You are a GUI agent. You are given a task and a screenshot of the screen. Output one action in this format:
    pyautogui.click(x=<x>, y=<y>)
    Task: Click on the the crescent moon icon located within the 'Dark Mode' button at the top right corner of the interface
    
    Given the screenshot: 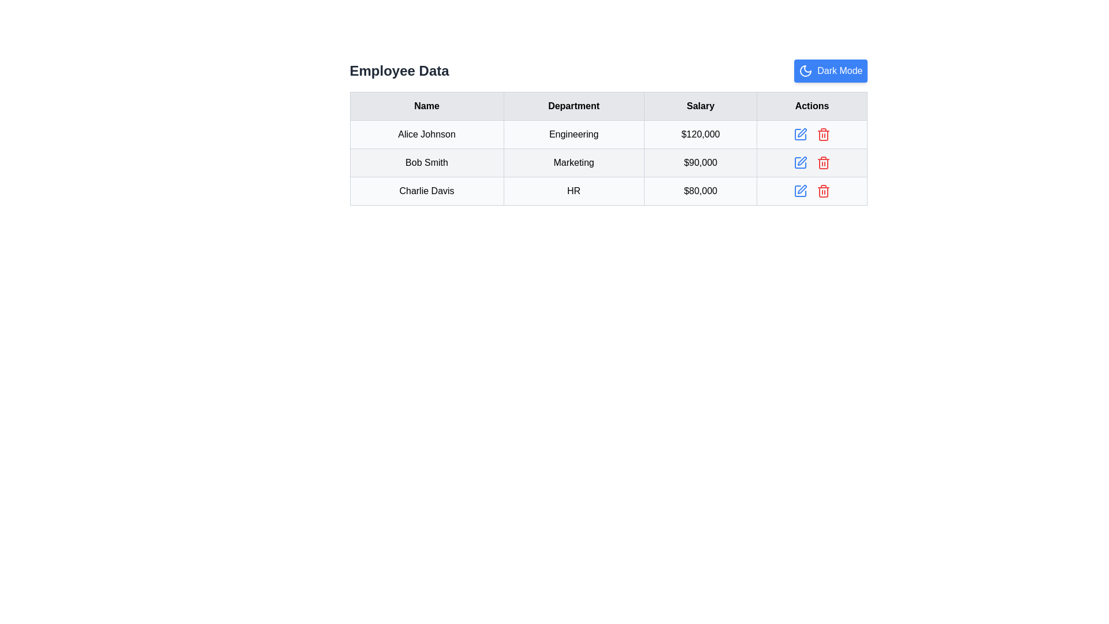 What is the action you would take?
    pyautogui.click(x=805, y=71)
    